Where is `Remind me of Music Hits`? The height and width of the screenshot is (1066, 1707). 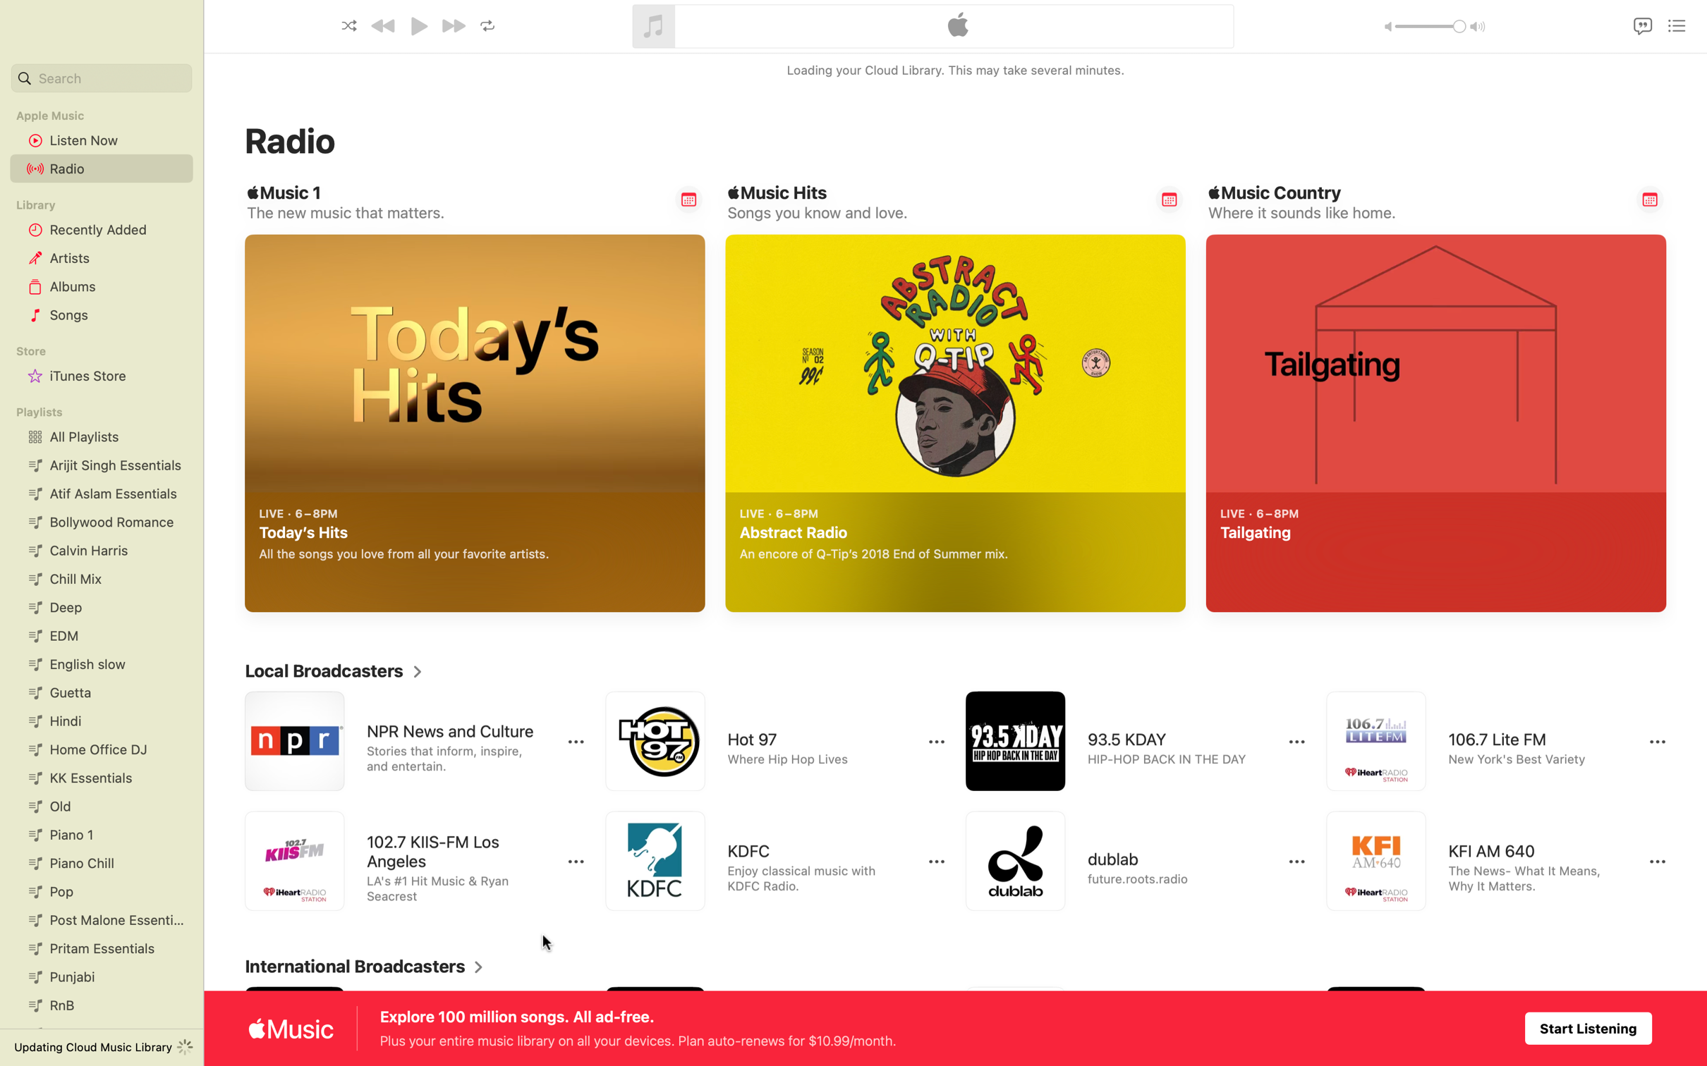
Remind me of Music Hits is located at coordinates (1167, 200).